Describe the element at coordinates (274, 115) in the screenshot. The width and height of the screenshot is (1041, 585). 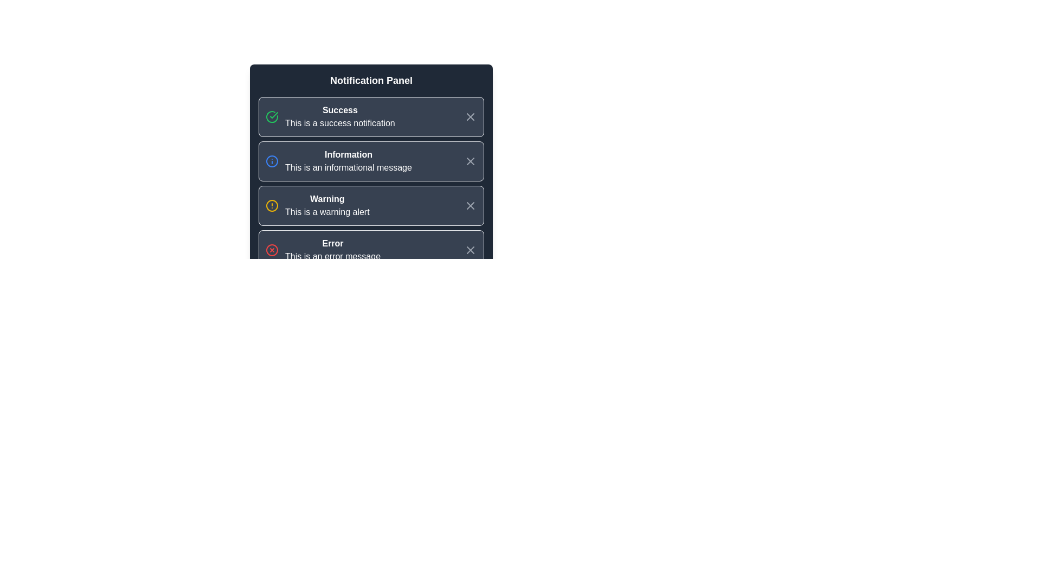
I see `the success notification icon located to the left of the 'Success' text in the notification panel` at that location.